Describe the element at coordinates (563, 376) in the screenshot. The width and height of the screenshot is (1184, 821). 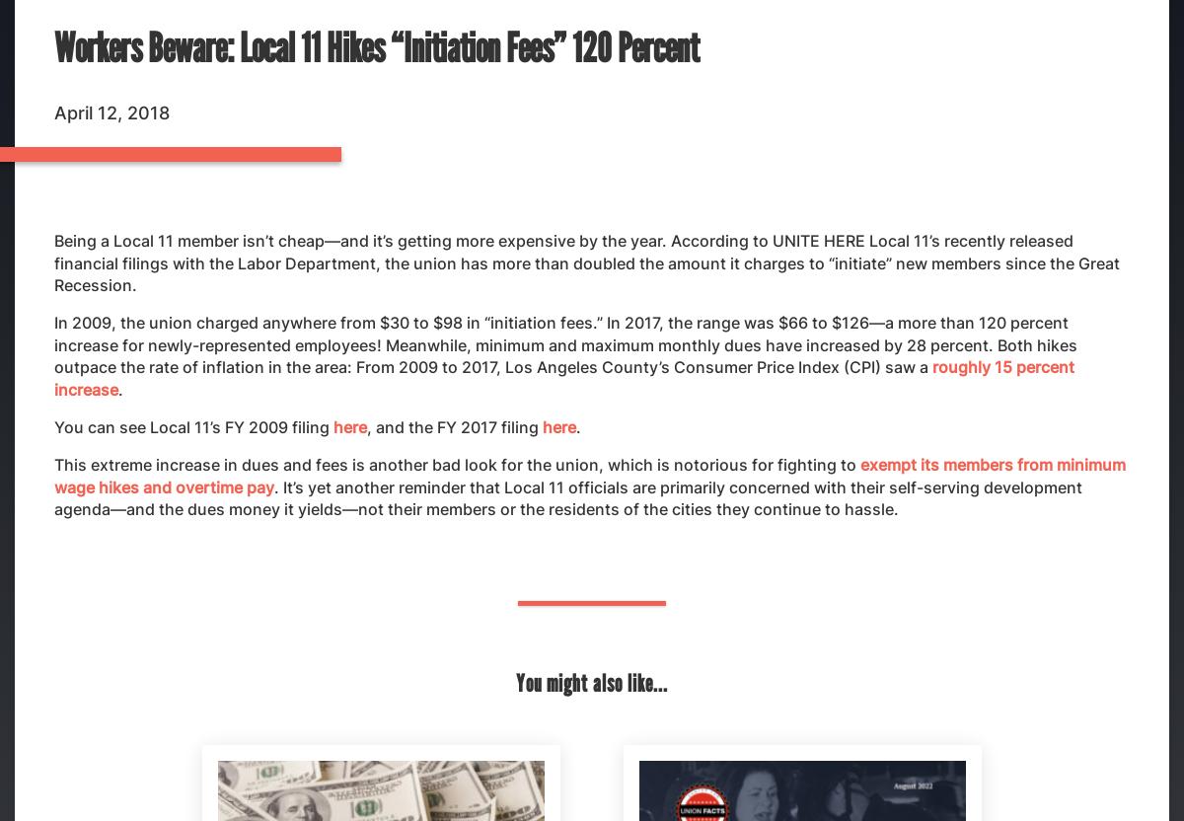
I see `'roughly 15 percent increase'` at that location.